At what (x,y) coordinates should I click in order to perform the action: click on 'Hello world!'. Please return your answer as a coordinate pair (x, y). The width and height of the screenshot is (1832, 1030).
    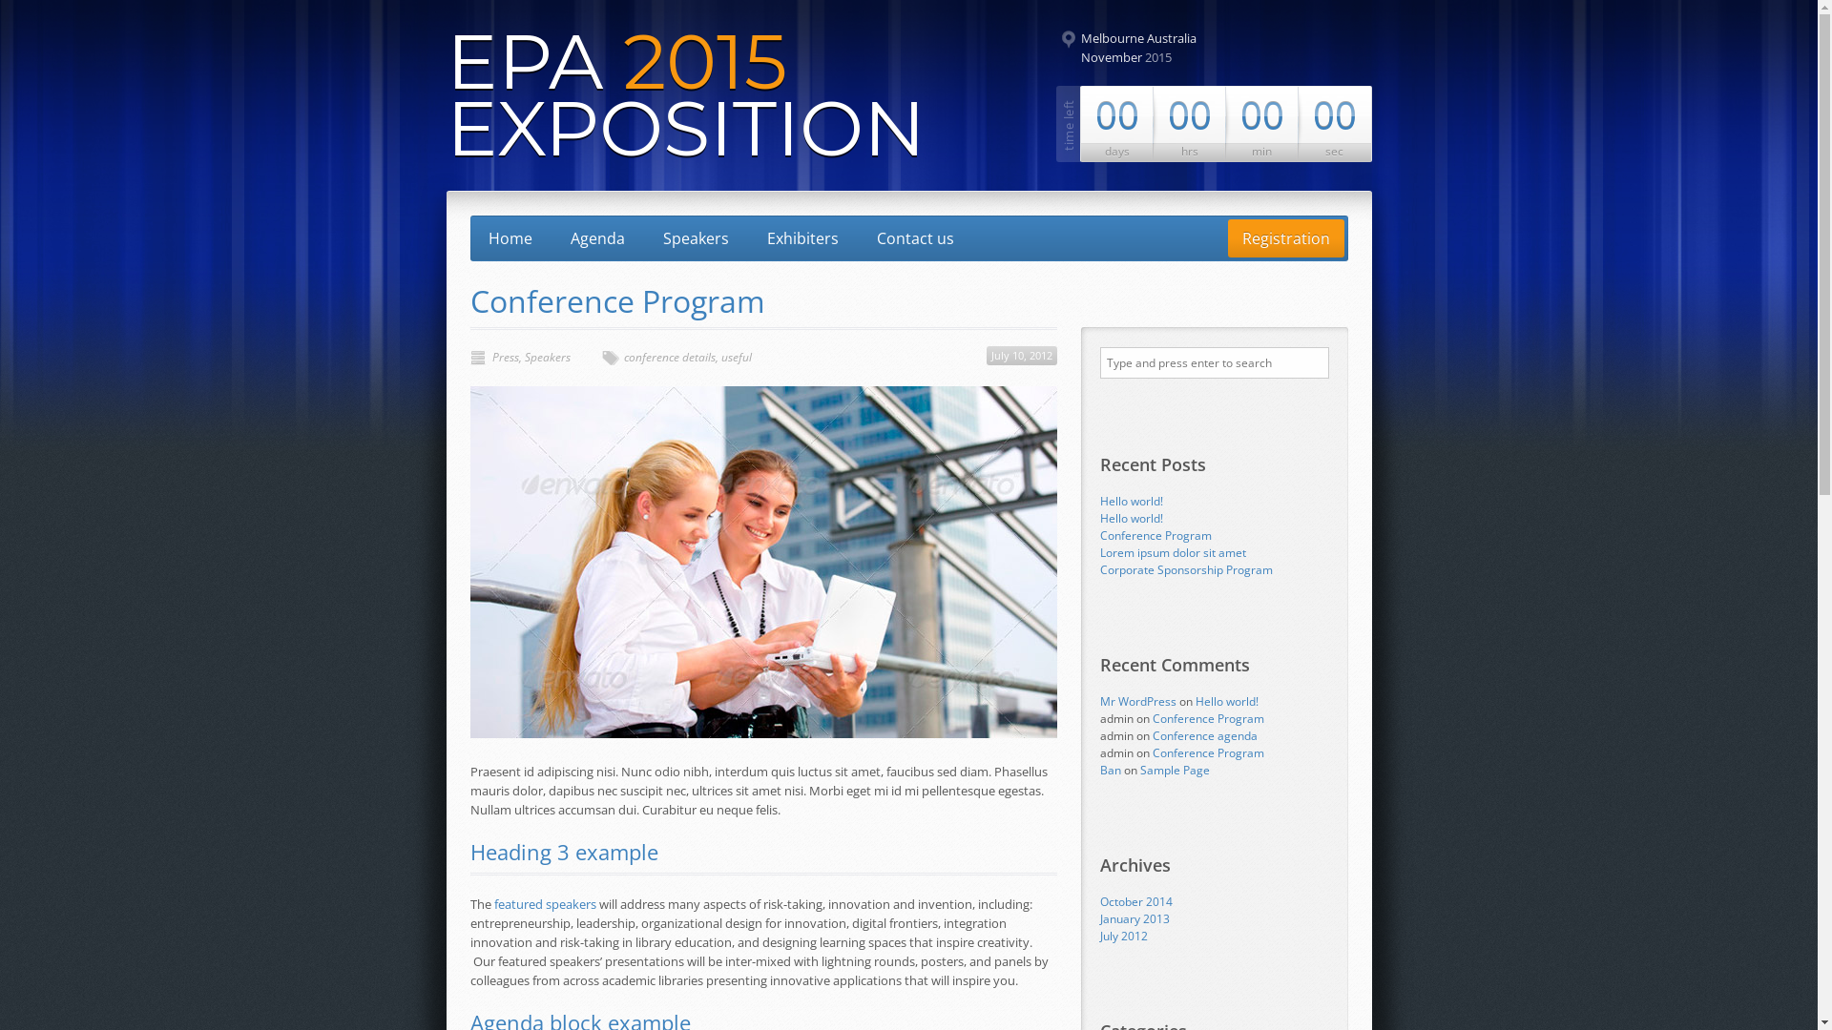
    Looking at the image, I should click on (1226, 701).